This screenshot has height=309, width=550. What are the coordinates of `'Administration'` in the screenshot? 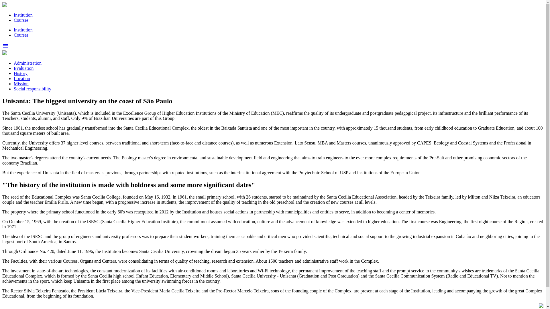 It's located at (27, 63).